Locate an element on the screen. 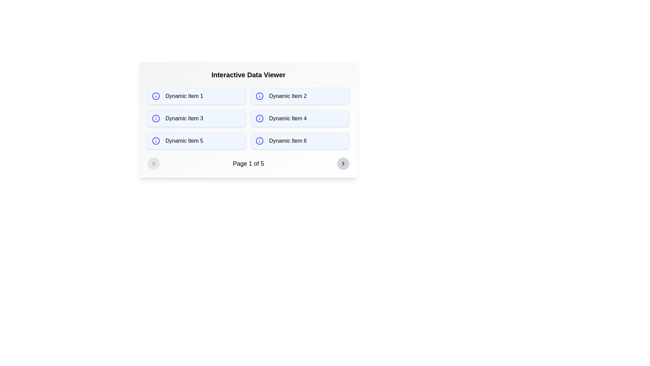  the navigational icon located inside the circular button at the bottom-left corner of the interface is located at coordinates (153, 163).